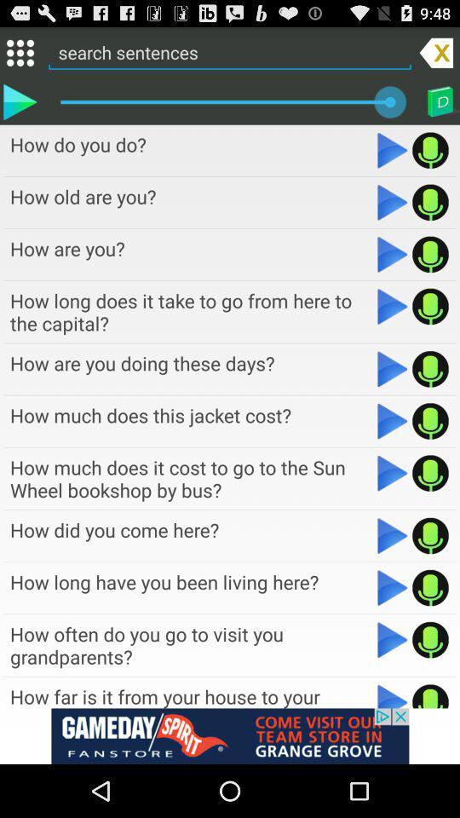  I want to click on play, so click(393, 535).